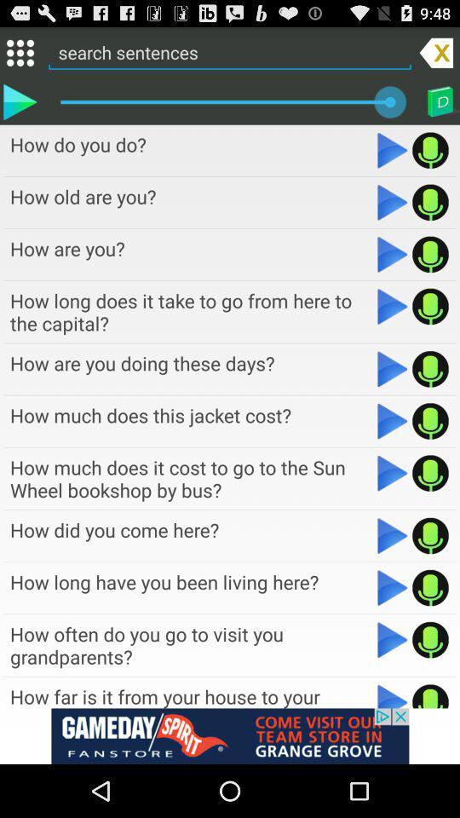  I want to click on play, so click(393, 535).